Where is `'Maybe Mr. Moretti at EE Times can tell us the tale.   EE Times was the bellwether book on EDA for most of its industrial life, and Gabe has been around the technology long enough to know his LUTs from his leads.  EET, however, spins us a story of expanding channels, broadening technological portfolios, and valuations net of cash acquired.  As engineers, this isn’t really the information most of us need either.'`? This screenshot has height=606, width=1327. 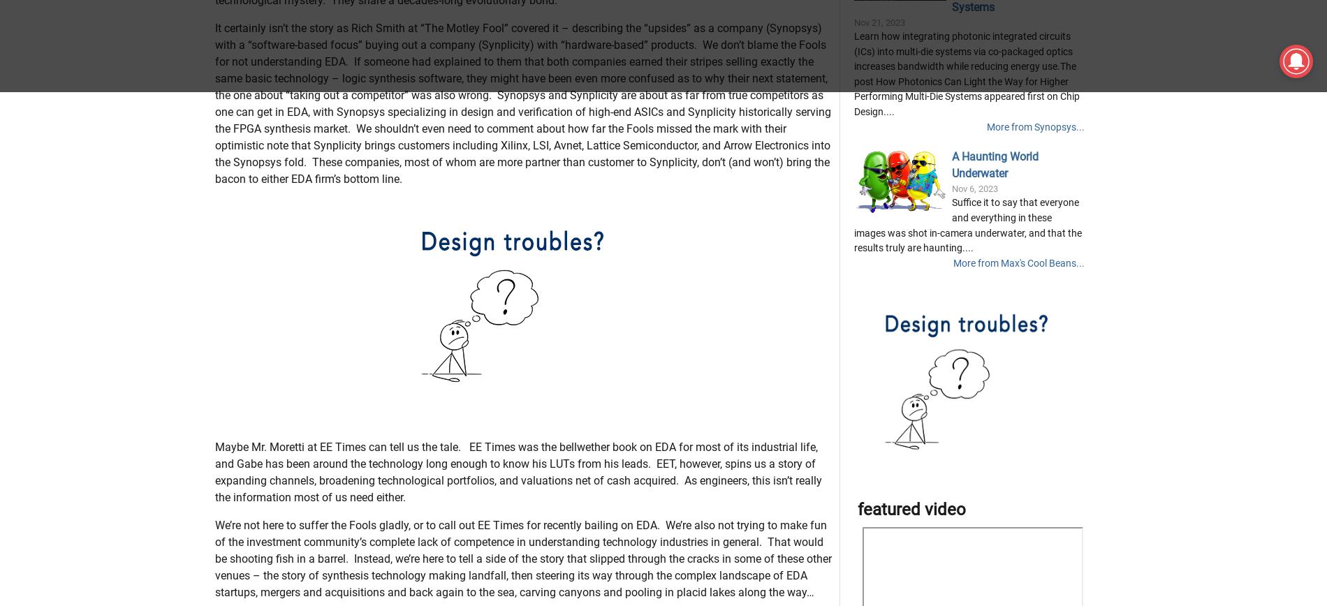 'Maybe Mr. Moretti at EE Times can tell us the tale.   EE Times was the bellwether book on EDA for most of its industrial life, and Gabe has been around the technology long enough to know his LUTs from his leads.  EET, however, spins us a story of expanding channels, broadening technological portfolios, and valuations net of cash acquired.  As engineers, this isn’t really the information most of us need either.' is located at coordinates (517, 541).